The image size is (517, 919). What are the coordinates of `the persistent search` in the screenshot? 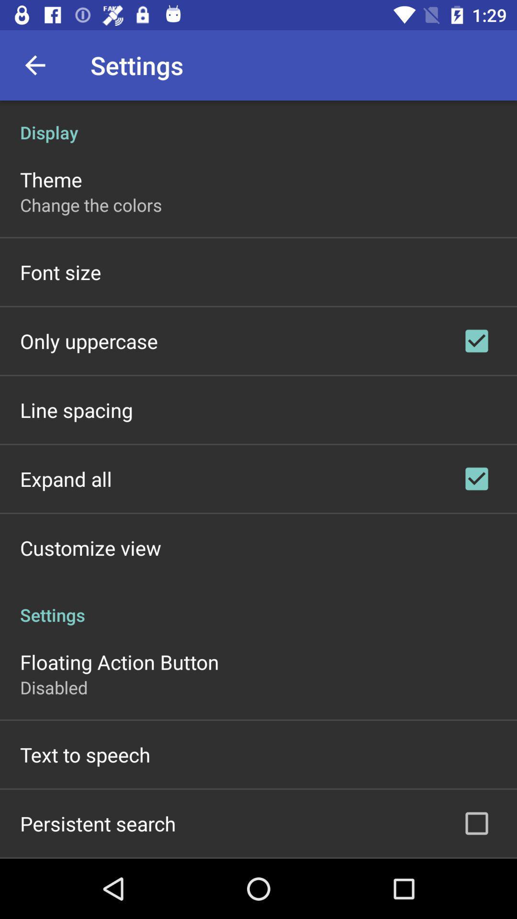 It's located at (98, 823).